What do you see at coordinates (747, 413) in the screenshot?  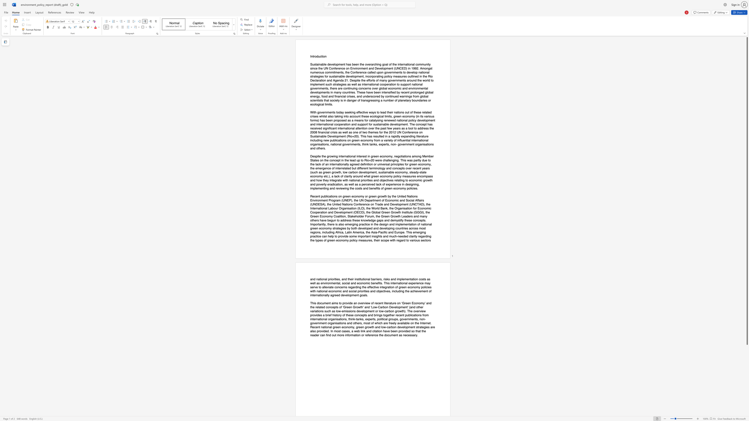 I see `the scrollbar to adjust the page downward` at bounding box center [747, 413].